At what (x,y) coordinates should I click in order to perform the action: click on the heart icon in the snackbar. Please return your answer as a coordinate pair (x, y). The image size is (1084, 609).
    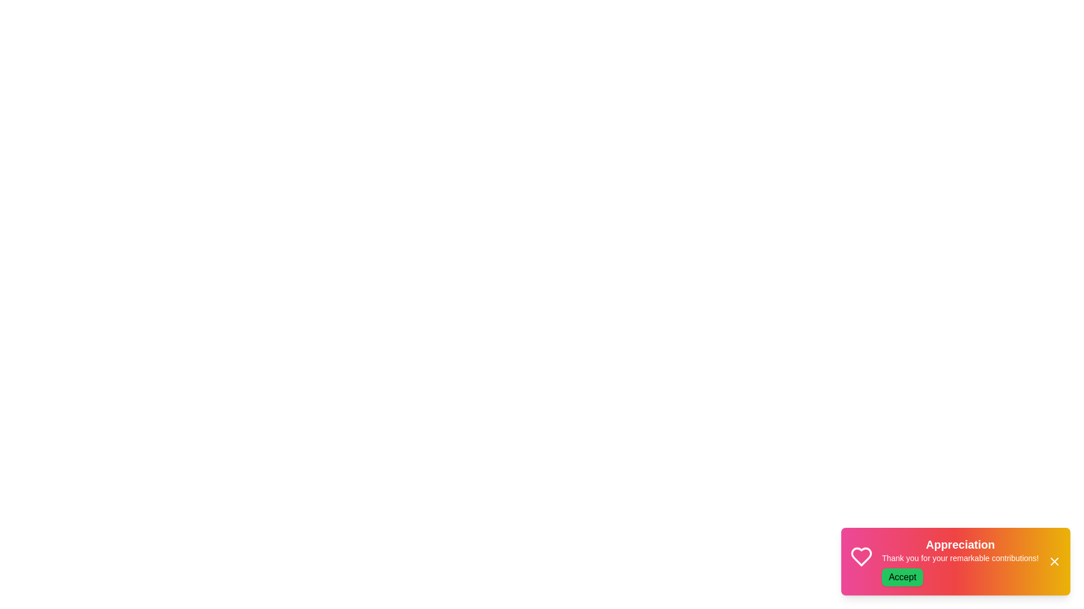
    Looking at the image, I should click on (861, 559).